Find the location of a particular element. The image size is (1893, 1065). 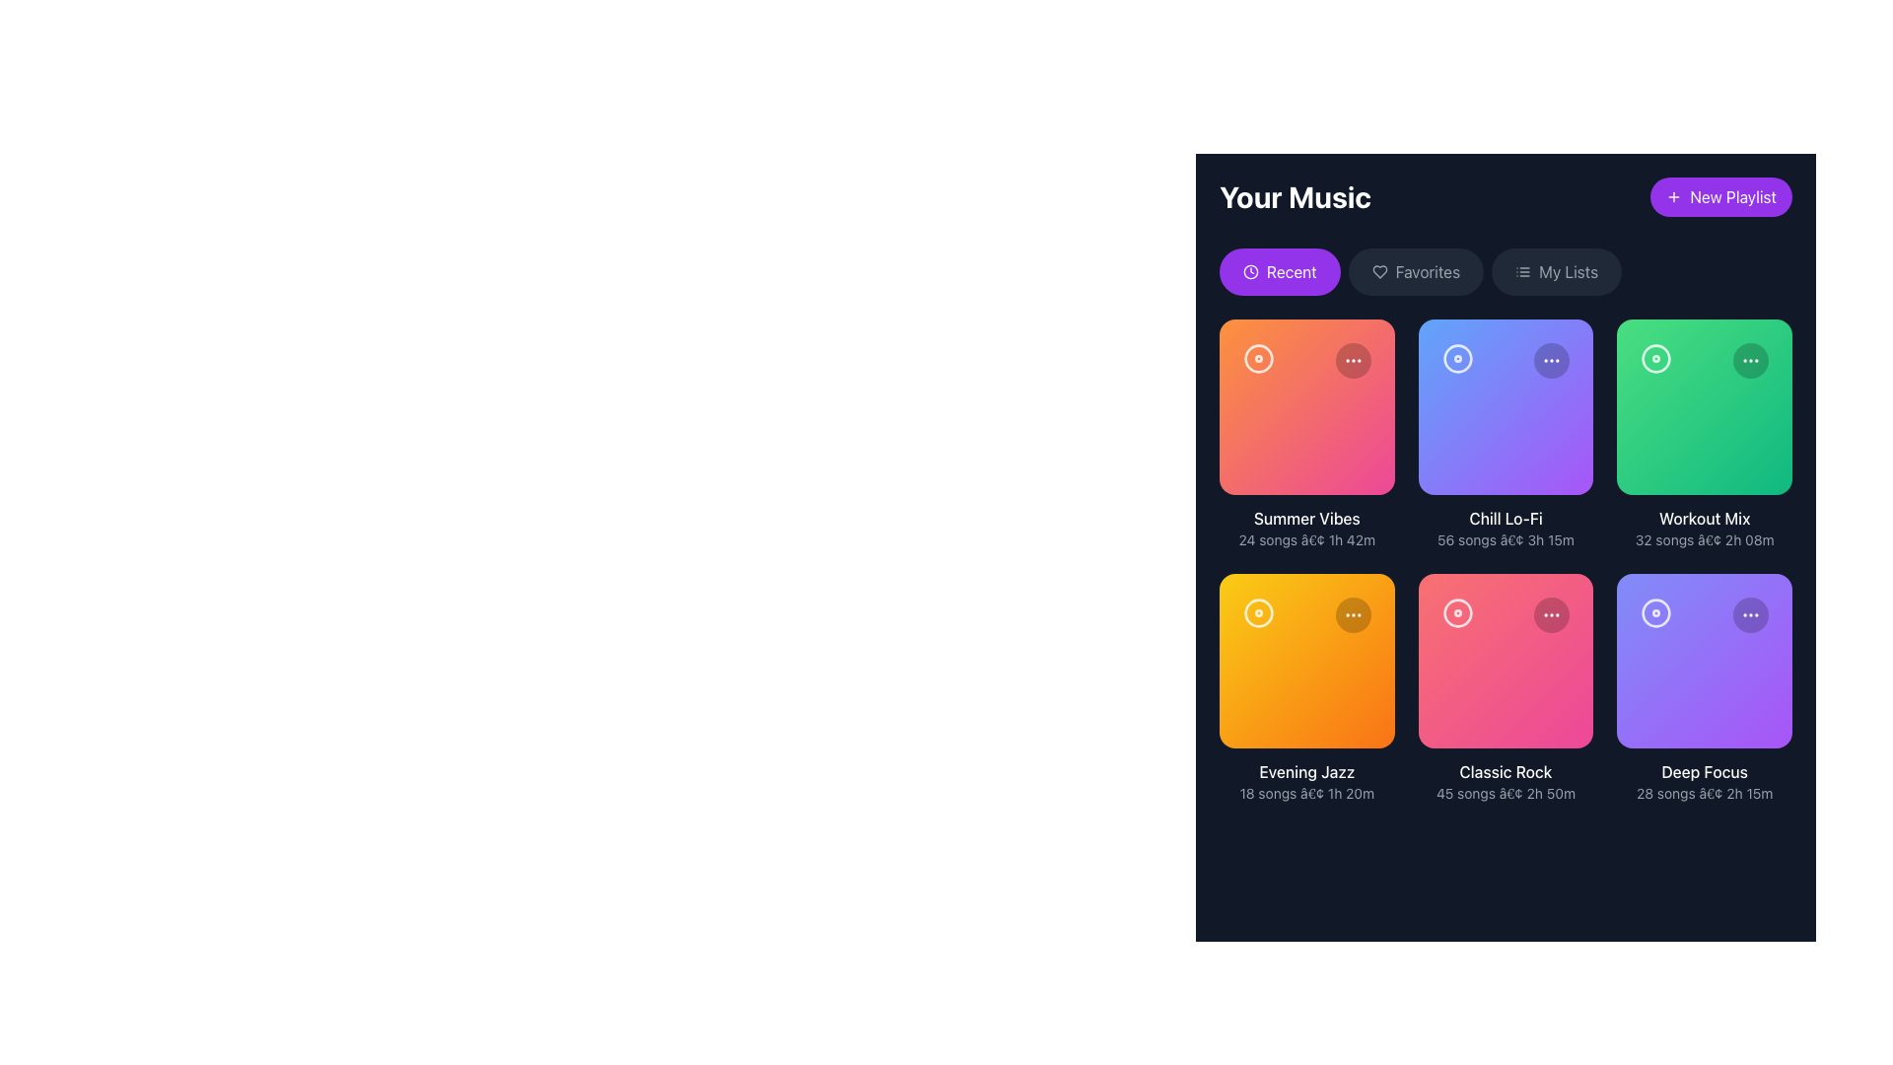

the Text Label that displays information about the number of songs and total duration of the 'Evening Jazz' playlist, located in the second row, first column of the playlist grid, beneath the orange-colored 'Evening Jazz' title is located at coordinates (1306, 793).